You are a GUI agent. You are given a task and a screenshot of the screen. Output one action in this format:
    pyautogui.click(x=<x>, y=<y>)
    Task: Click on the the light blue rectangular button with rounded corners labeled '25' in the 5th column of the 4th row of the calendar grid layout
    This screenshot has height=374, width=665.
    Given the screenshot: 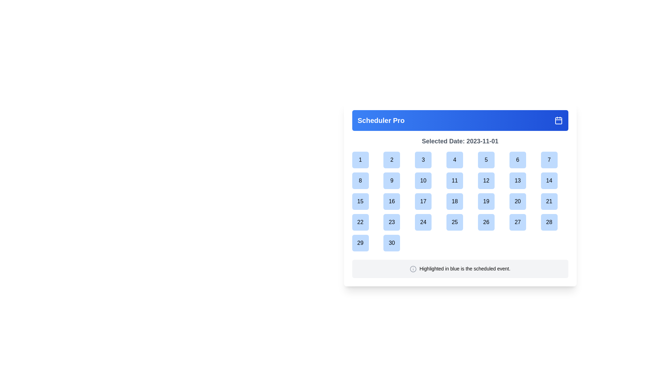 What is the action you would take?
    pyautogui.click(x=460, y=222)
    